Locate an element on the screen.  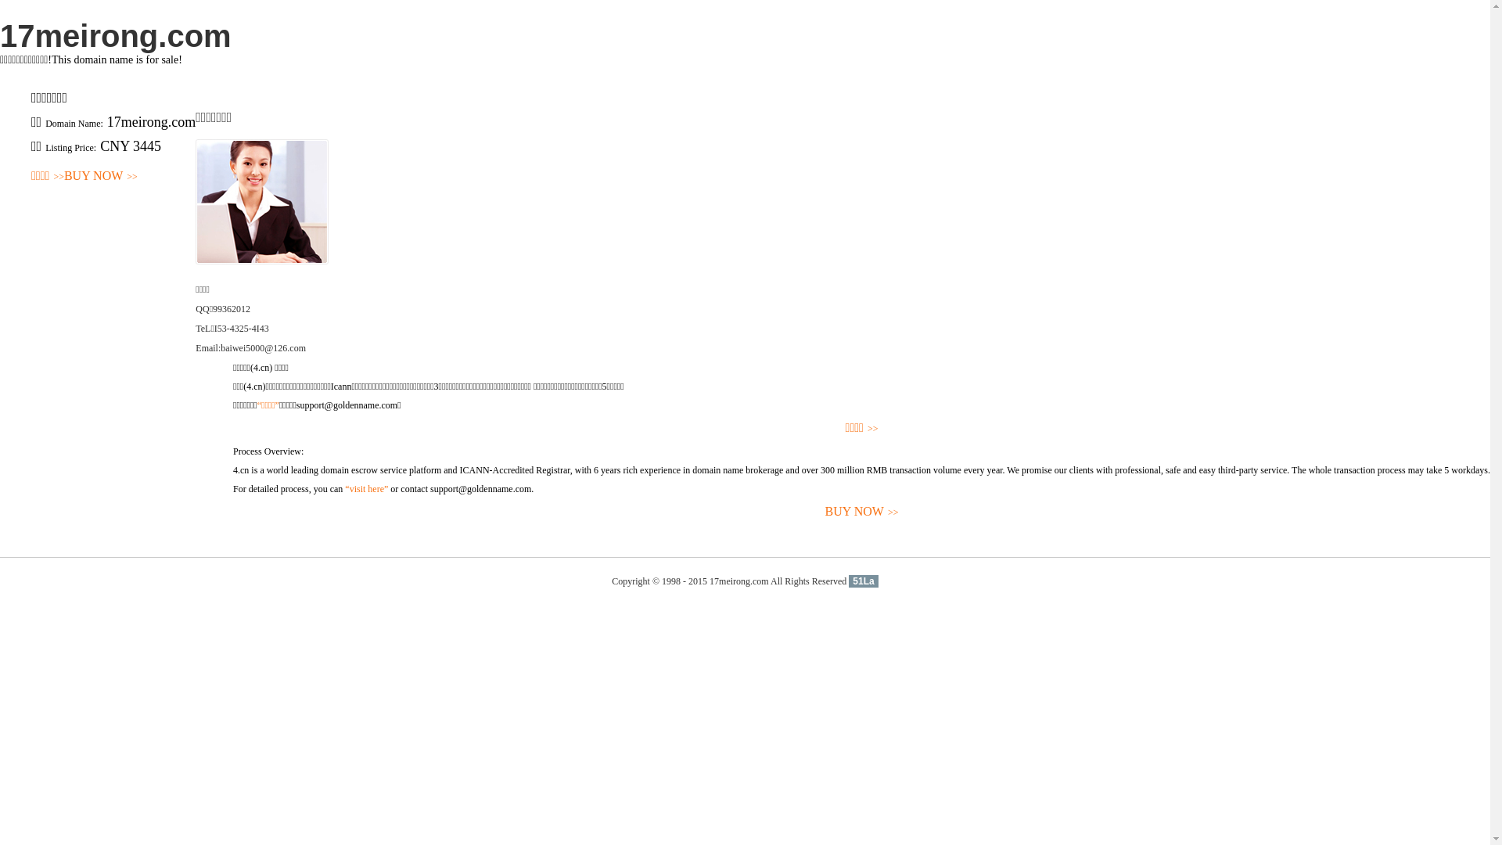
'BUY NOW>>' is located at coordinates (100, 176).